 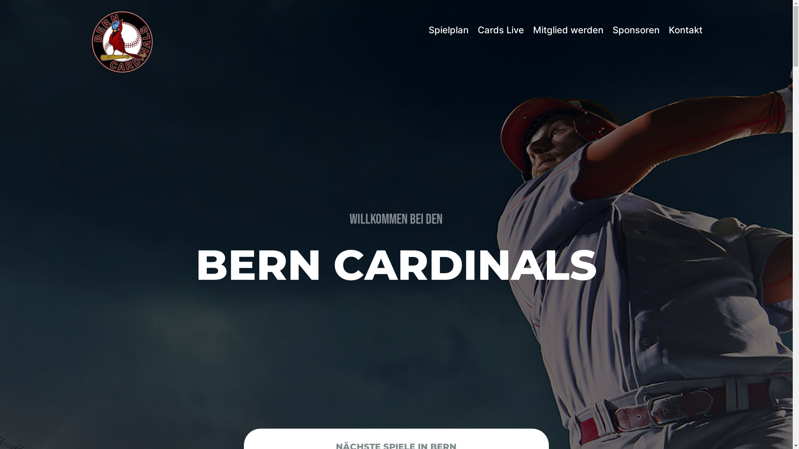 What do you see at coordinates (448, 30) in the screenshot?
I see `'Spielplan'` at bounding box center [448, 30].